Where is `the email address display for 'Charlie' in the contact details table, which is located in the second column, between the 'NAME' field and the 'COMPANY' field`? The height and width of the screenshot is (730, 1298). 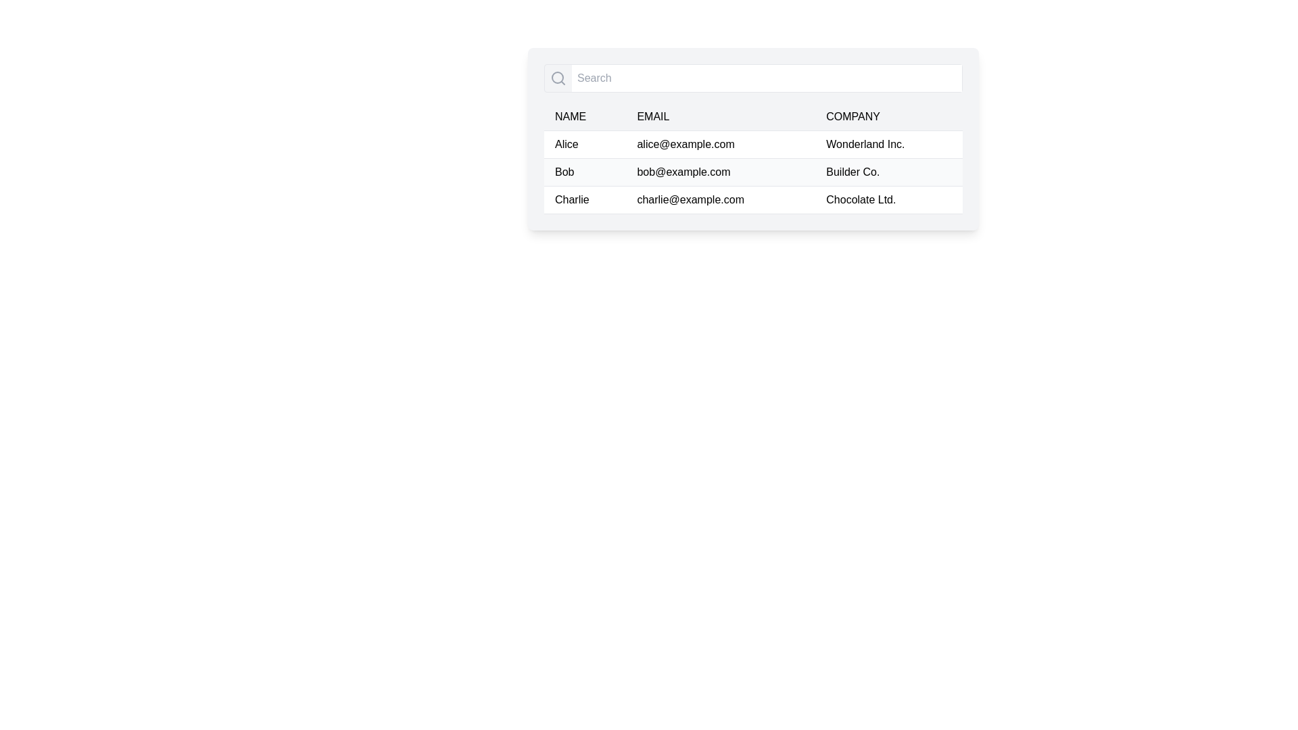 the email address display for 'Charlie' in the contact details table, which is located in the second column, between the 'NAME' field and the 'COMPANY' field is located at coordinates (720, 200).